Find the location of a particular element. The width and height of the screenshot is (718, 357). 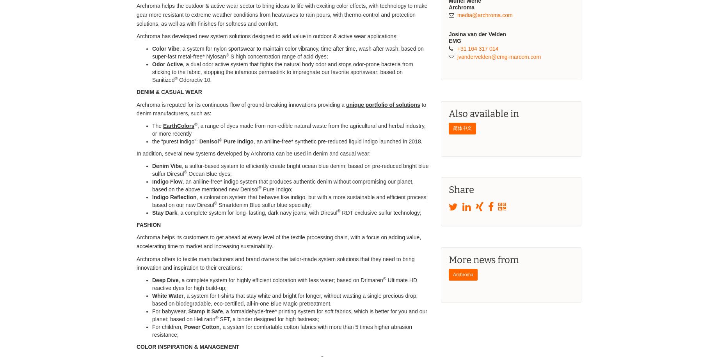

'Smartdenim Blue sulfur blue specialty;' is located at coordinates (263, 204).